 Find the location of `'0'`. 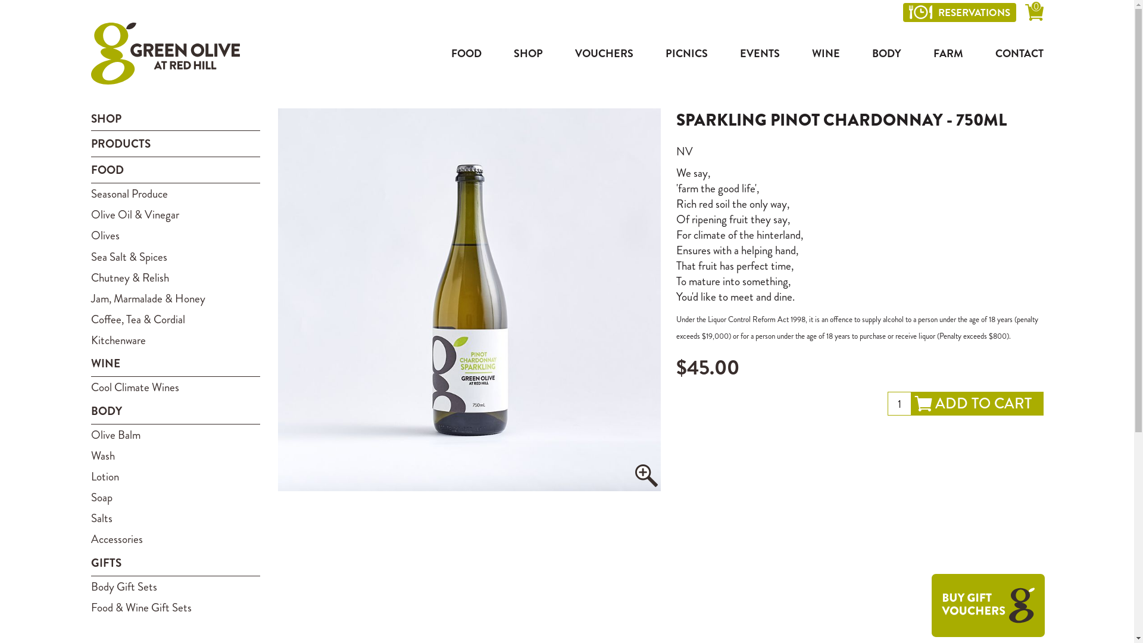

'0' is located at coordinates (1033, 14).